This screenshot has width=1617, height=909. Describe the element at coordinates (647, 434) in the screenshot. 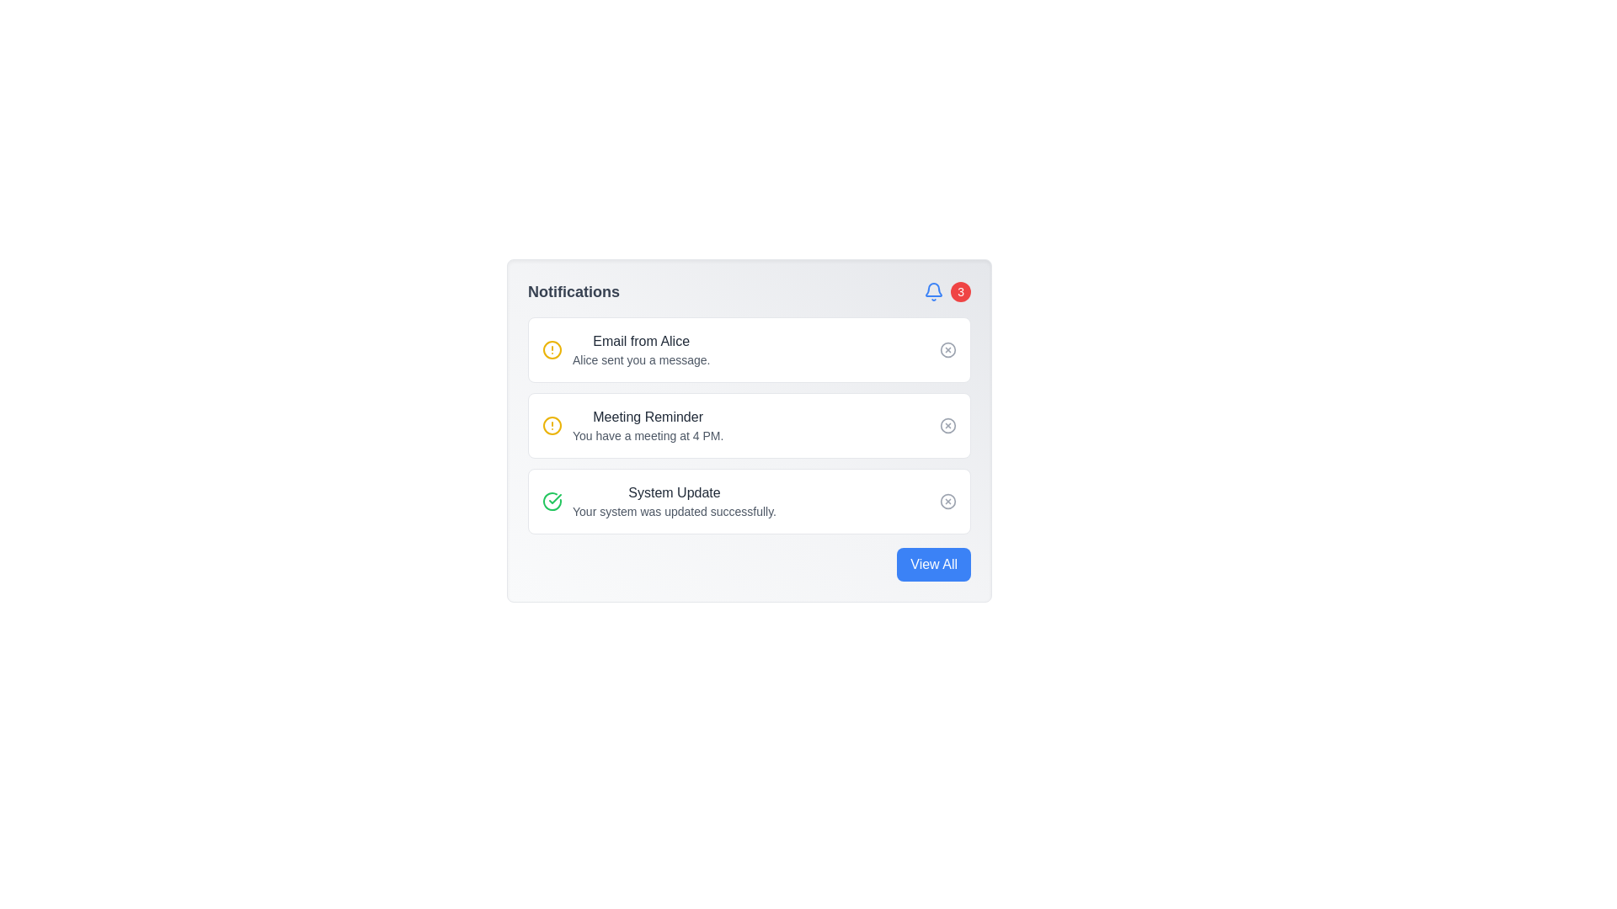

I see `the text snippet that reads 'You have a meeting at 4 PM.' located within the 'Meeting Reminder' notification tile` at that location.